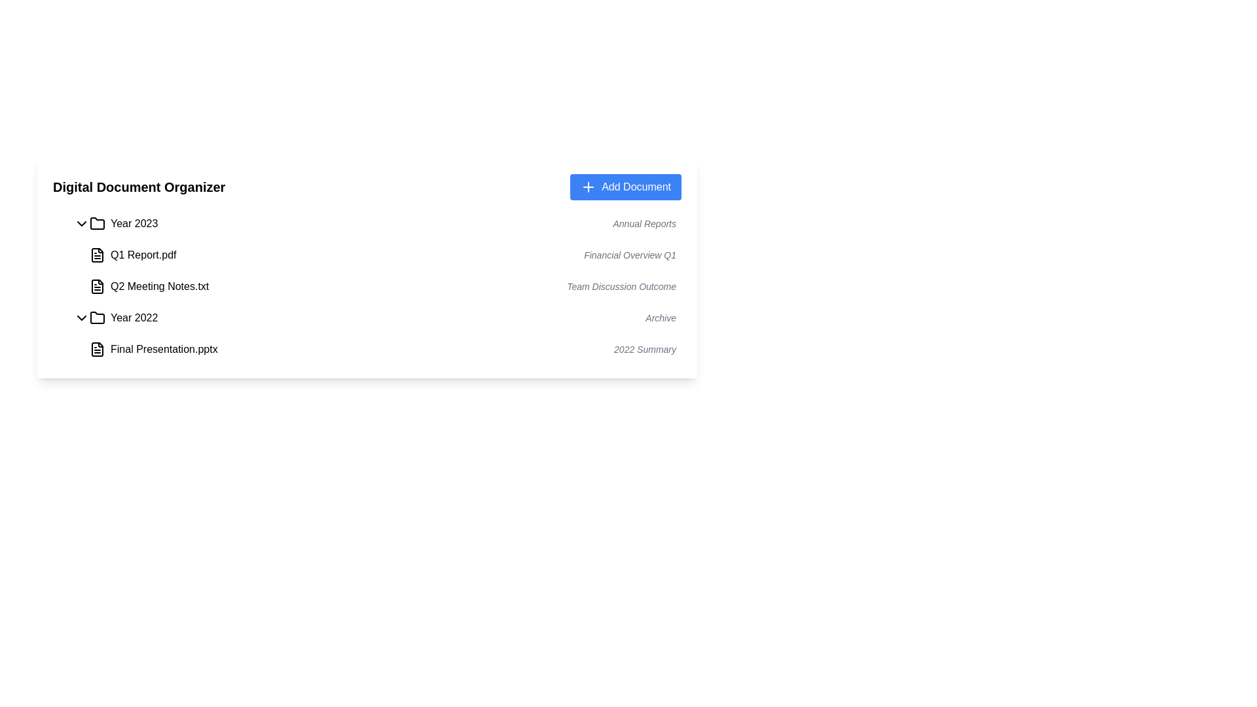 This screenshot has width=1257, height=707. I want to click on the Text label that denotes the section for the year 2022, so click(134, 318).